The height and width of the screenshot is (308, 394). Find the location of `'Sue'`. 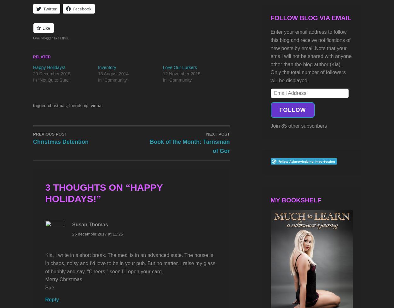

'Sue' is located at coordinates (45, 287).